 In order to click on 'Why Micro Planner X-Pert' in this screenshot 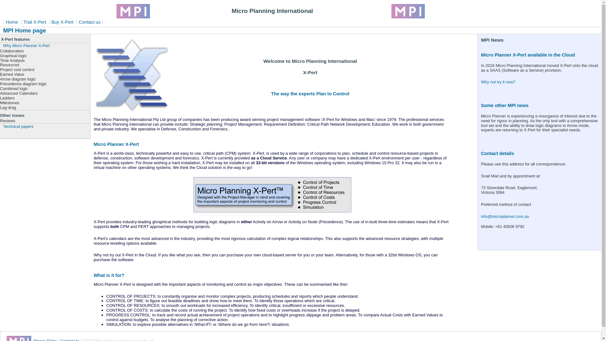, I will do `click(45, 45)`.